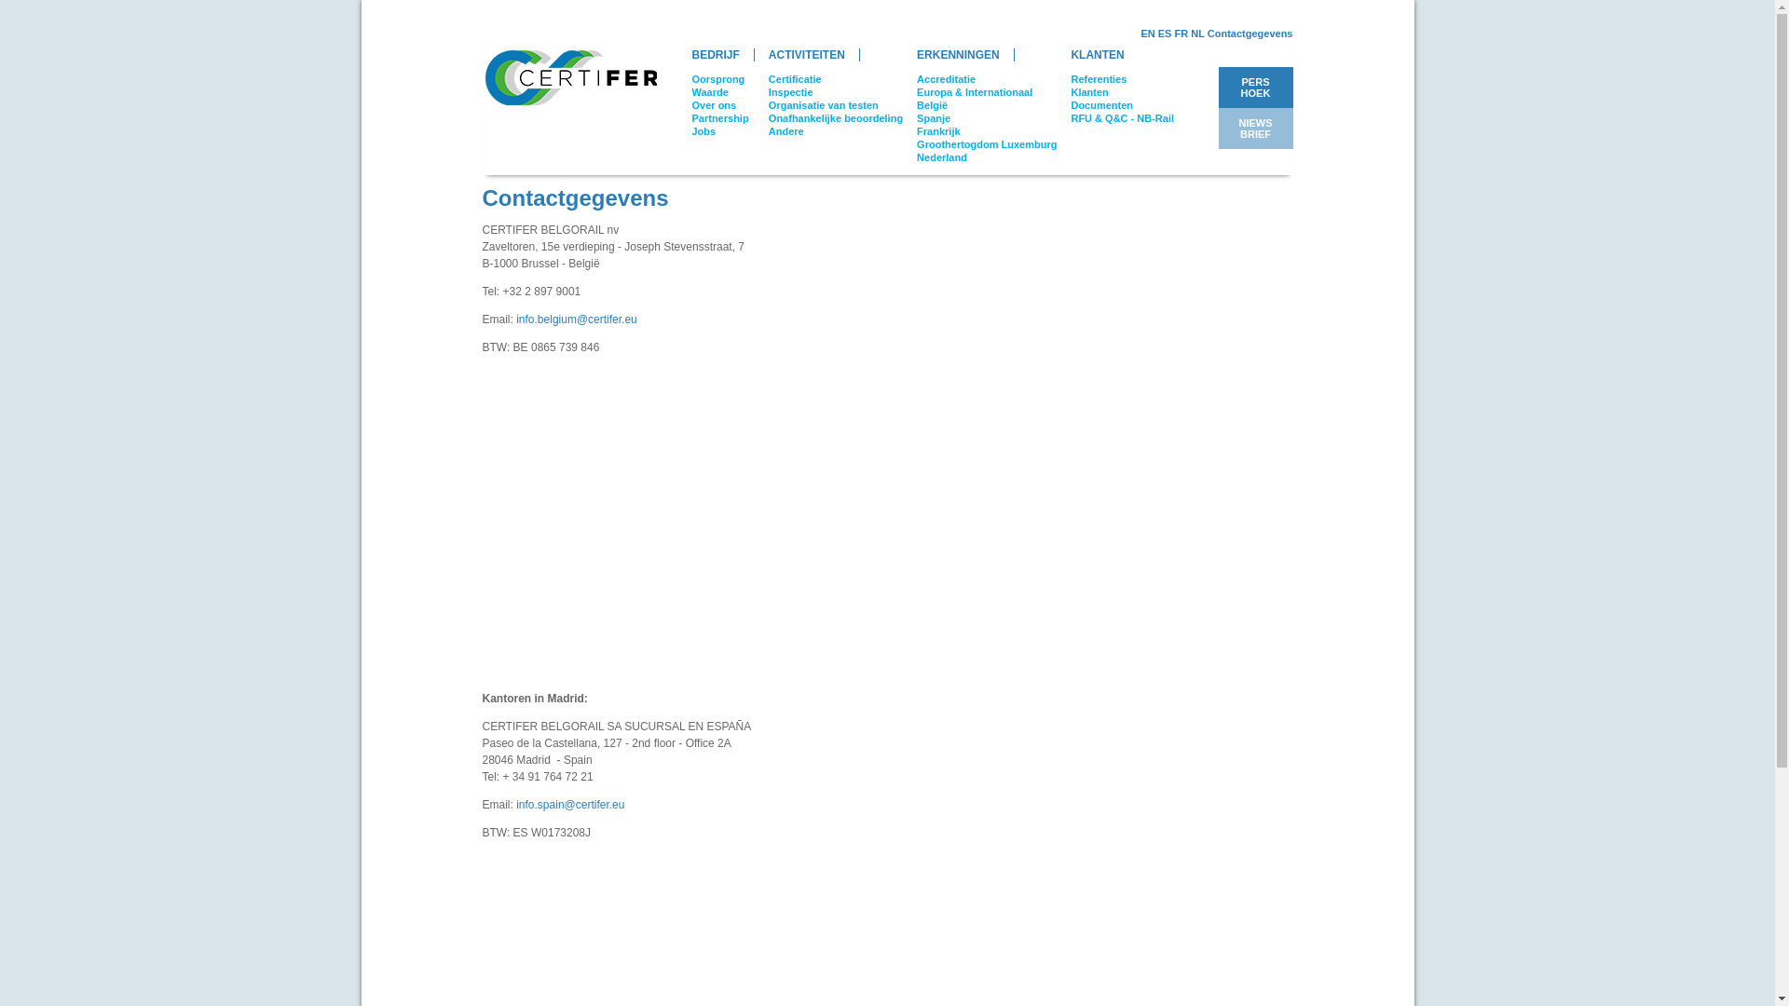  Describe the element at coordinates (1097, 53) in the screenshot. I see `'KLANTEN'` at that location.